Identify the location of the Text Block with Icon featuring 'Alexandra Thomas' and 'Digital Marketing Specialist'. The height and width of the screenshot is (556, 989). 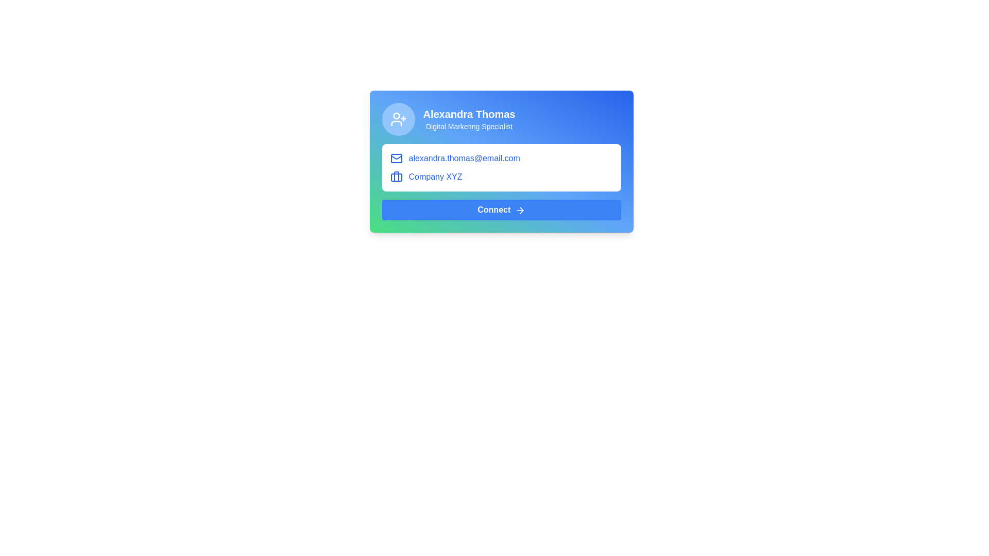
(501, 118).